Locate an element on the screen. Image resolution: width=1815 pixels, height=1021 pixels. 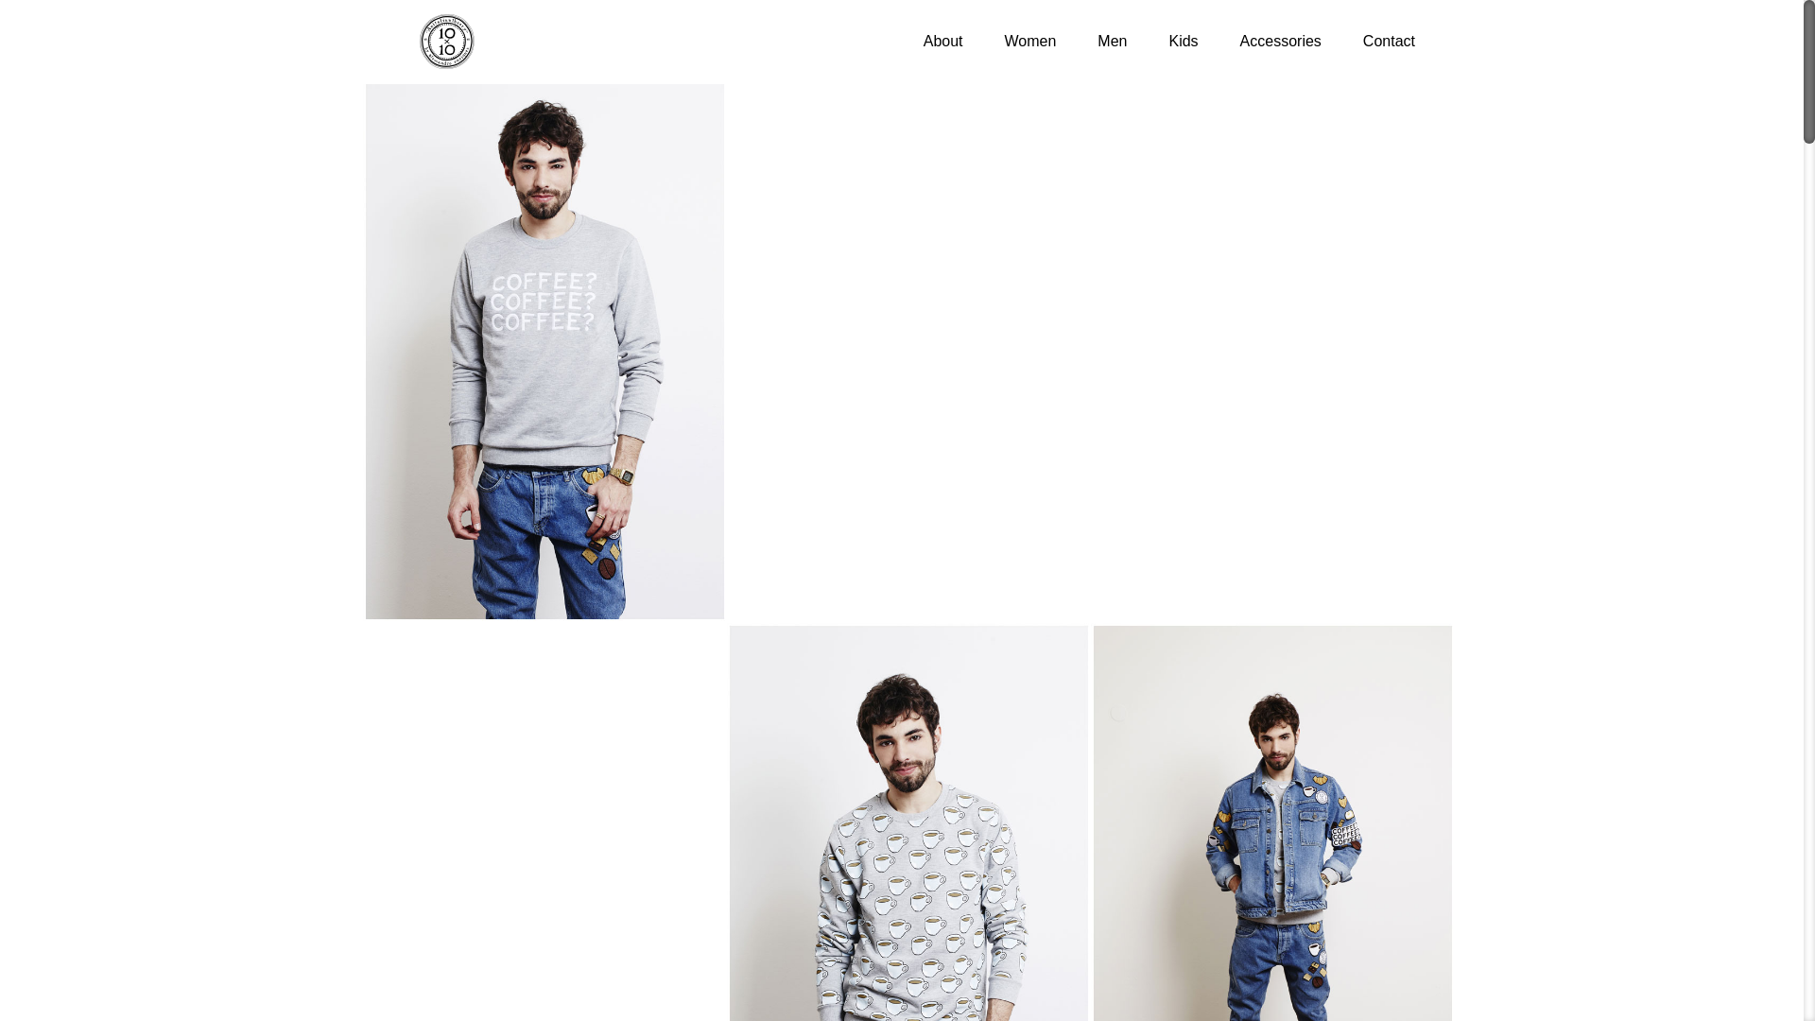
'Accessories' is located at coordinates (1280, 41).